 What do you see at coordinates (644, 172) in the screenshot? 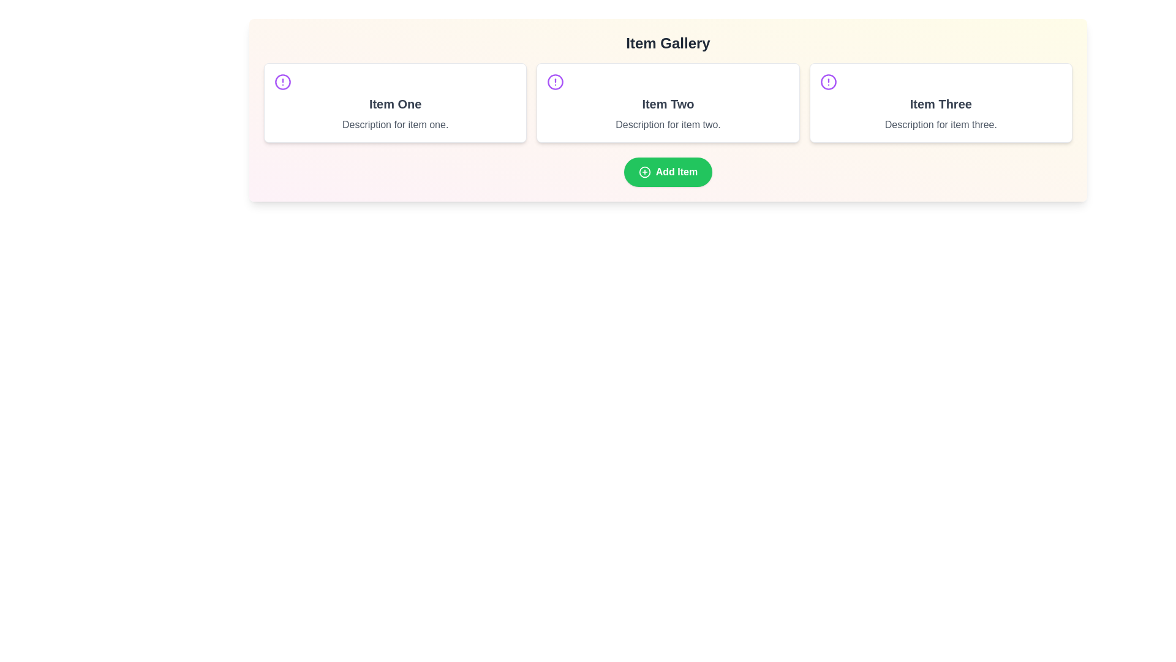
I see `the circle element within the green button labeled 'Add Item', which is part of a 'plus' icon located at the center-bottom of the main interface` at bounding box center [644, 172].